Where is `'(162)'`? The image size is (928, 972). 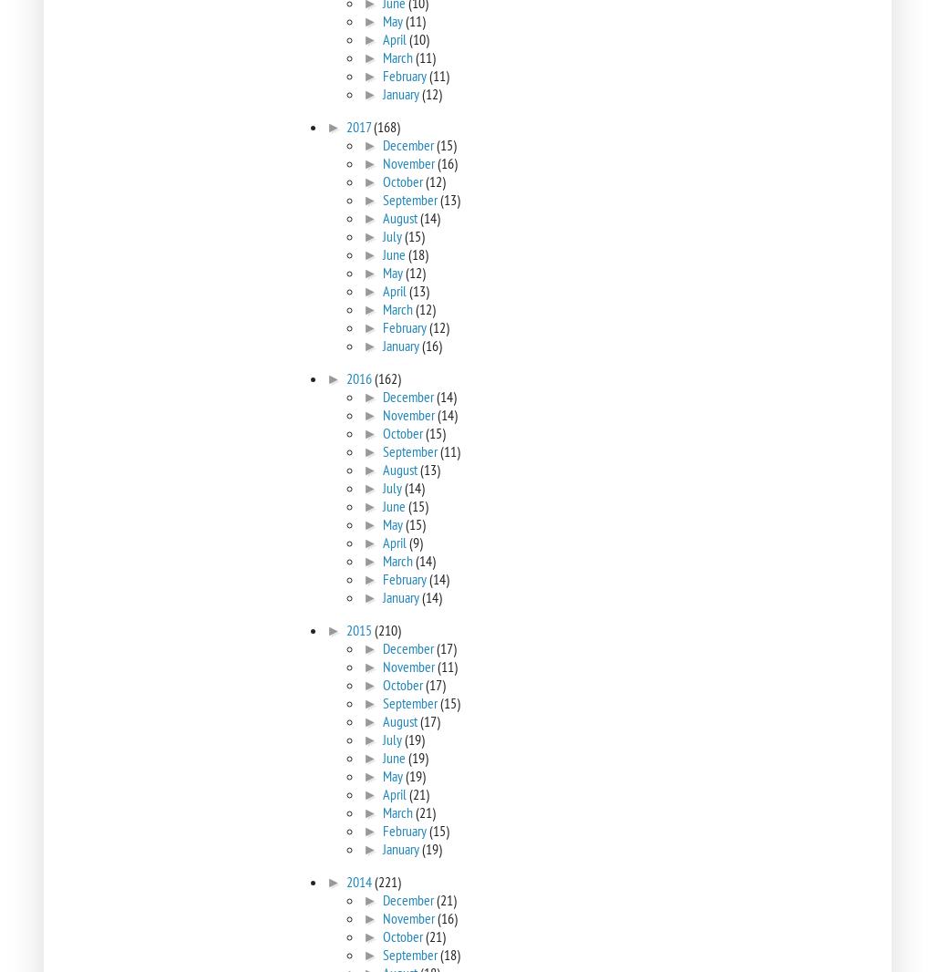
'(162)' is located at coordinates (373, 377).